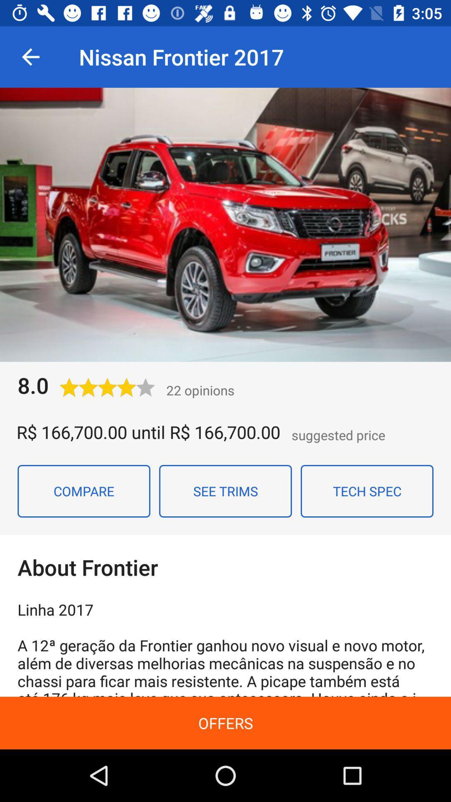 The width and height of the screenshot is (451, 802). I want to click on see trims item, so click(225, 491).